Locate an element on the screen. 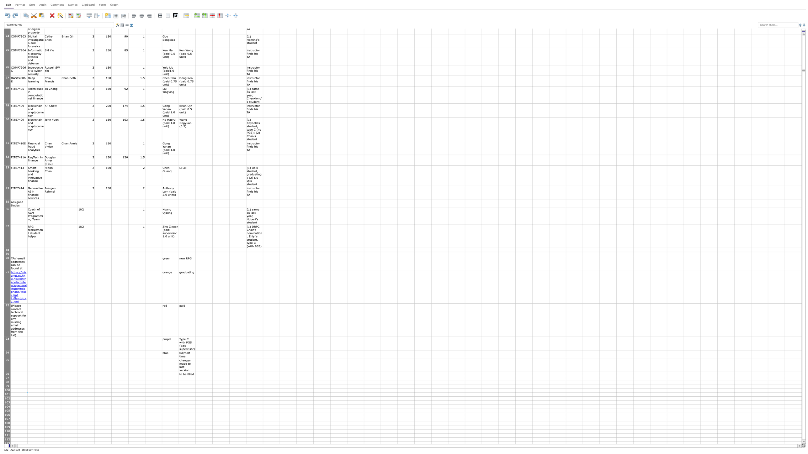 The width and height of the screenshot is (808, 454). row 99's header bottom edge for resizing is located at coordinates (7, 388).